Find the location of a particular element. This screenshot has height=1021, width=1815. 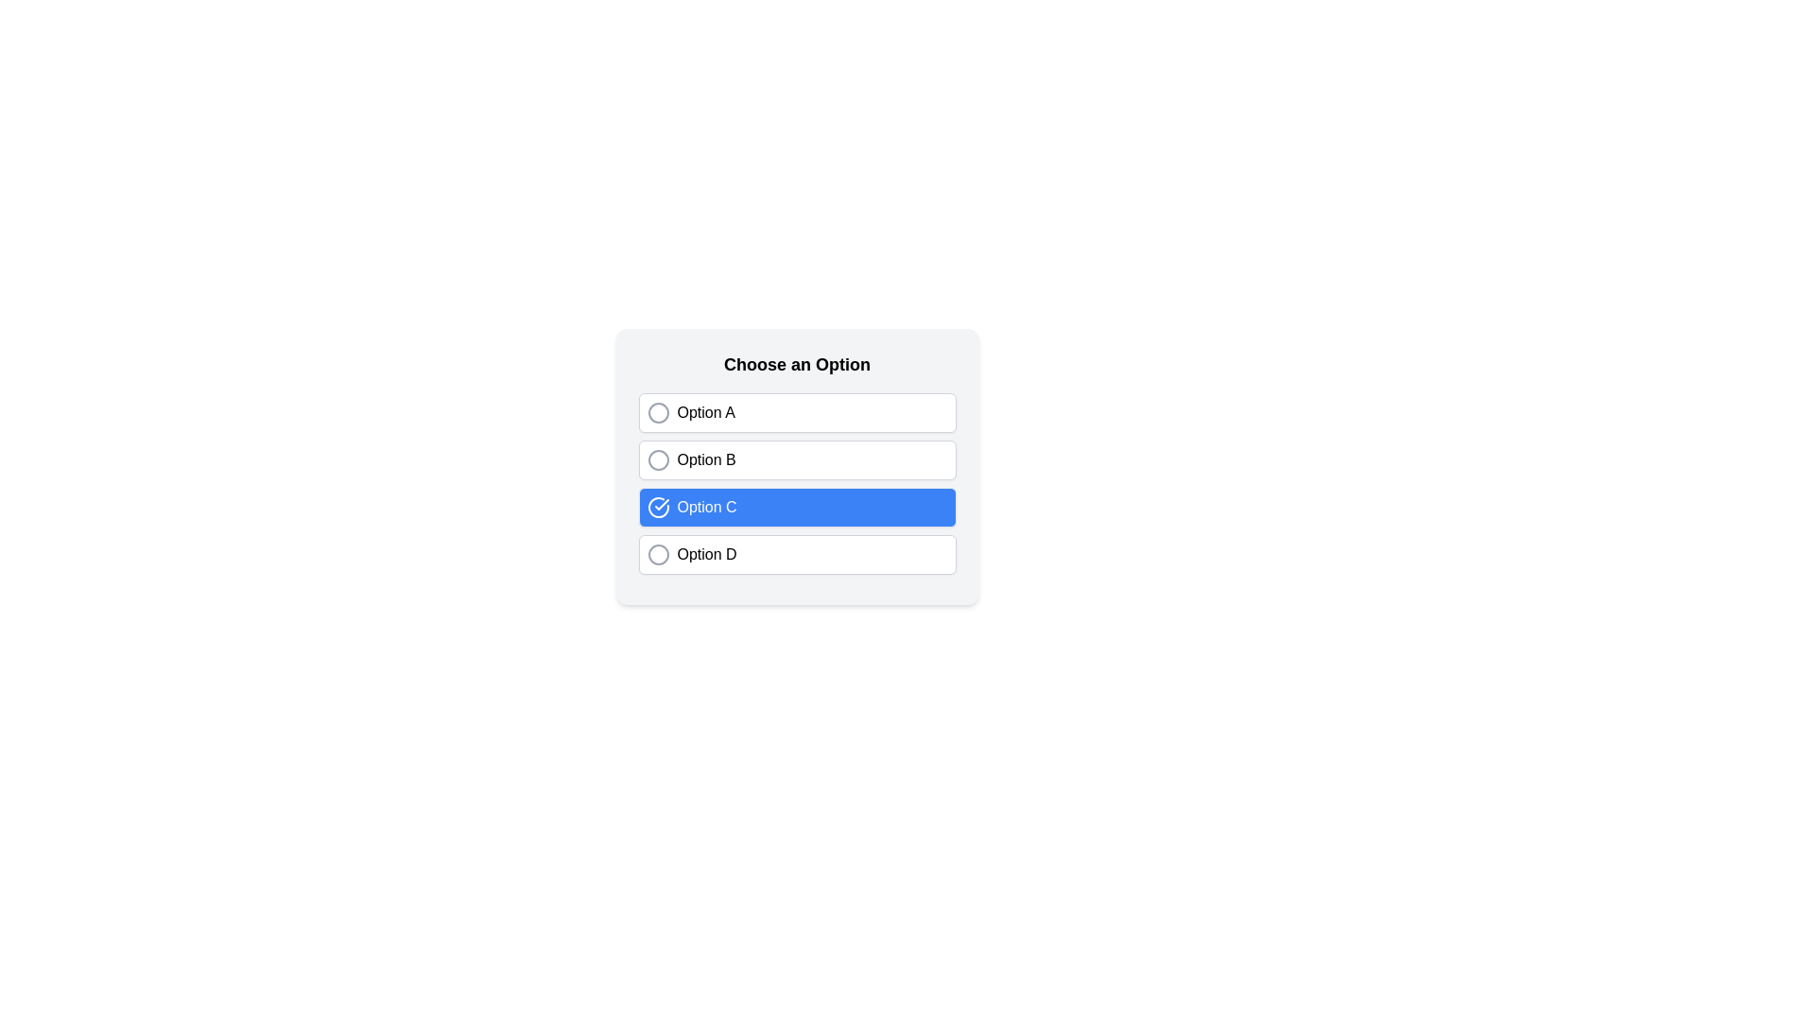

the radio button located to the left of 'Option B' is located at coordinates (658, 459).